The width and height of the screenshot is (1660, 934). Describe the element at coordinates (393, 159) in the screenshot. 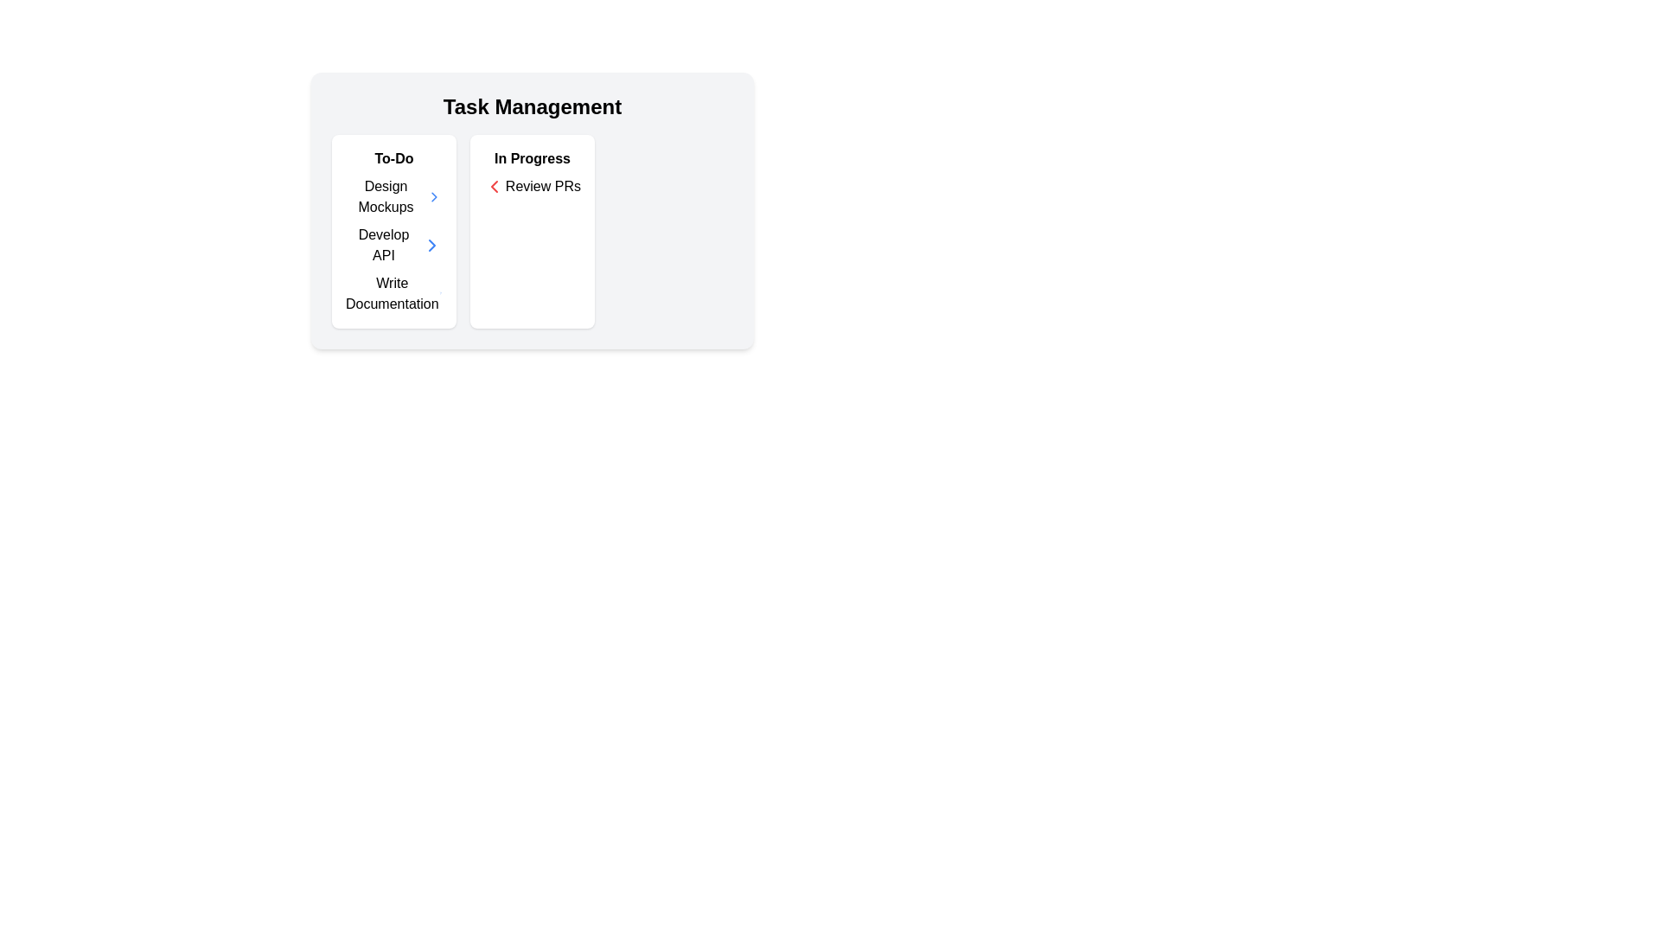

I see `the 'To-Do' text label, which is a bold header indicating the section for the to-do list` at that location.